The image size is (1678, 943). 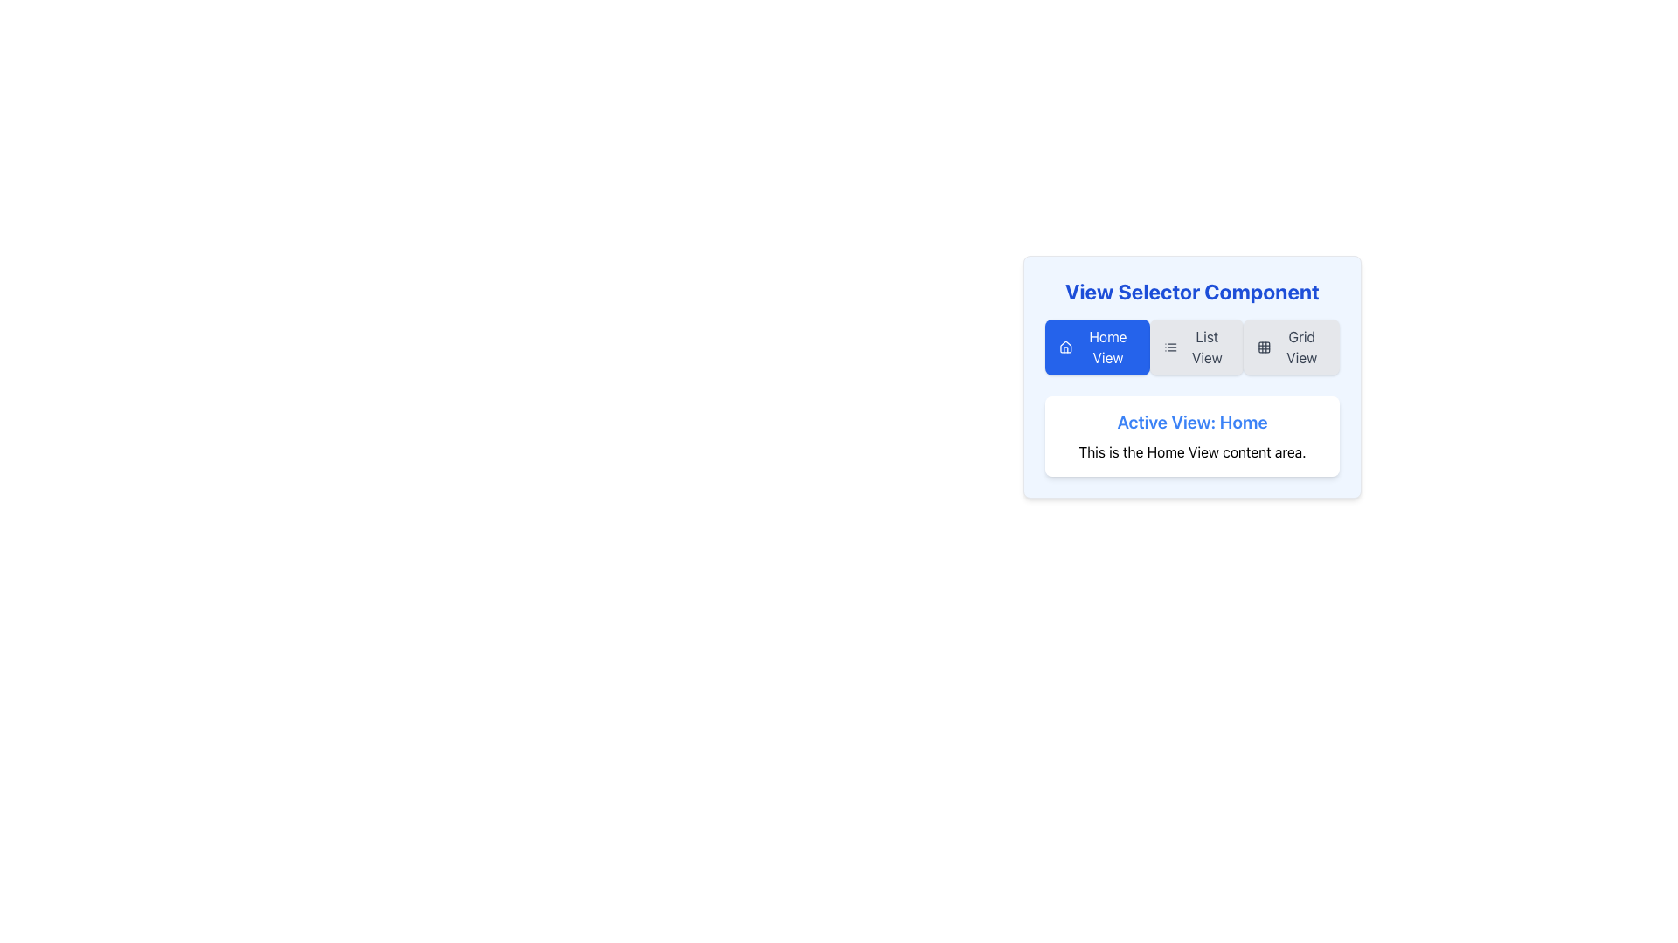 What do you see at coordinates (1191, 436) in the screenshot?
I see `the static display area that shows the current active view name 'Active View: Home' and its description 'This is the Home View content area.'` at bounding box center [1191, 436].